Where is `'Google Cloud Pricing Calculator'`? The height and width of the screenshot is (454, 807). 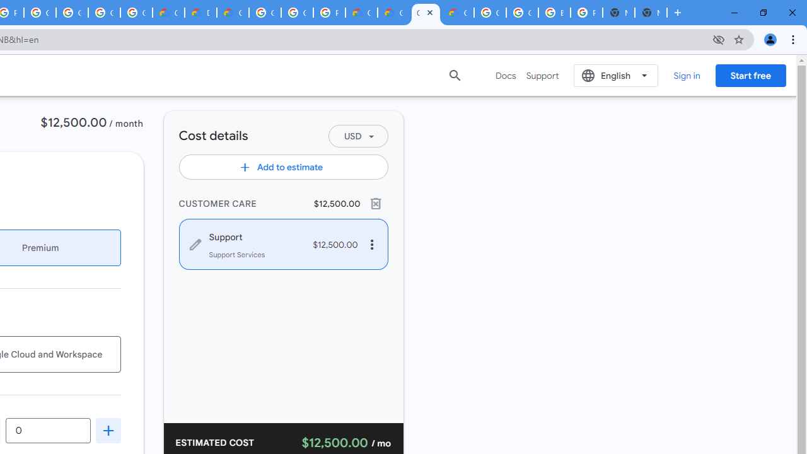
'Google Cloud Pricing Calculator' is located at coordinates (426, 13).